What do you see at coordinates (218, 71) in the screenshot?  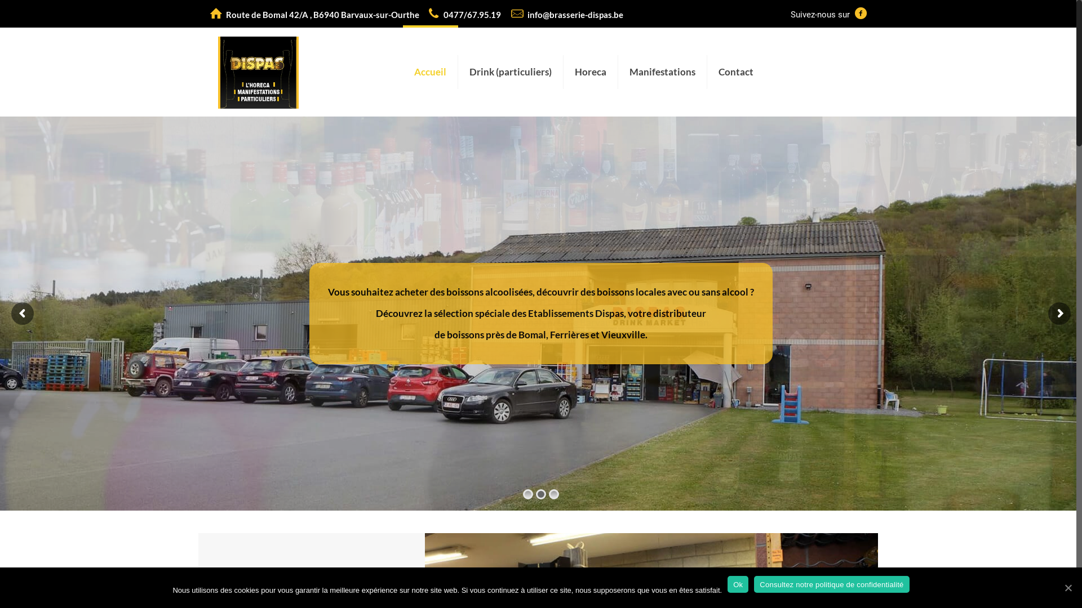 I see `'ETABLISSEMENTS DISPAS'` at bounding box center [218, 71].